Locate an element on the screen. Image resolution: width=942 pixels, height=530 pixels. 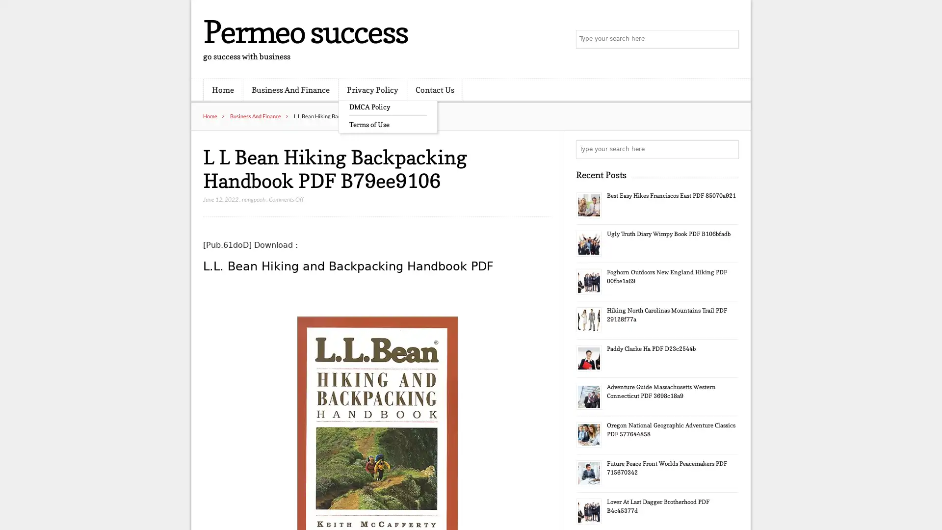
Search is located at coordinates (729, 149).